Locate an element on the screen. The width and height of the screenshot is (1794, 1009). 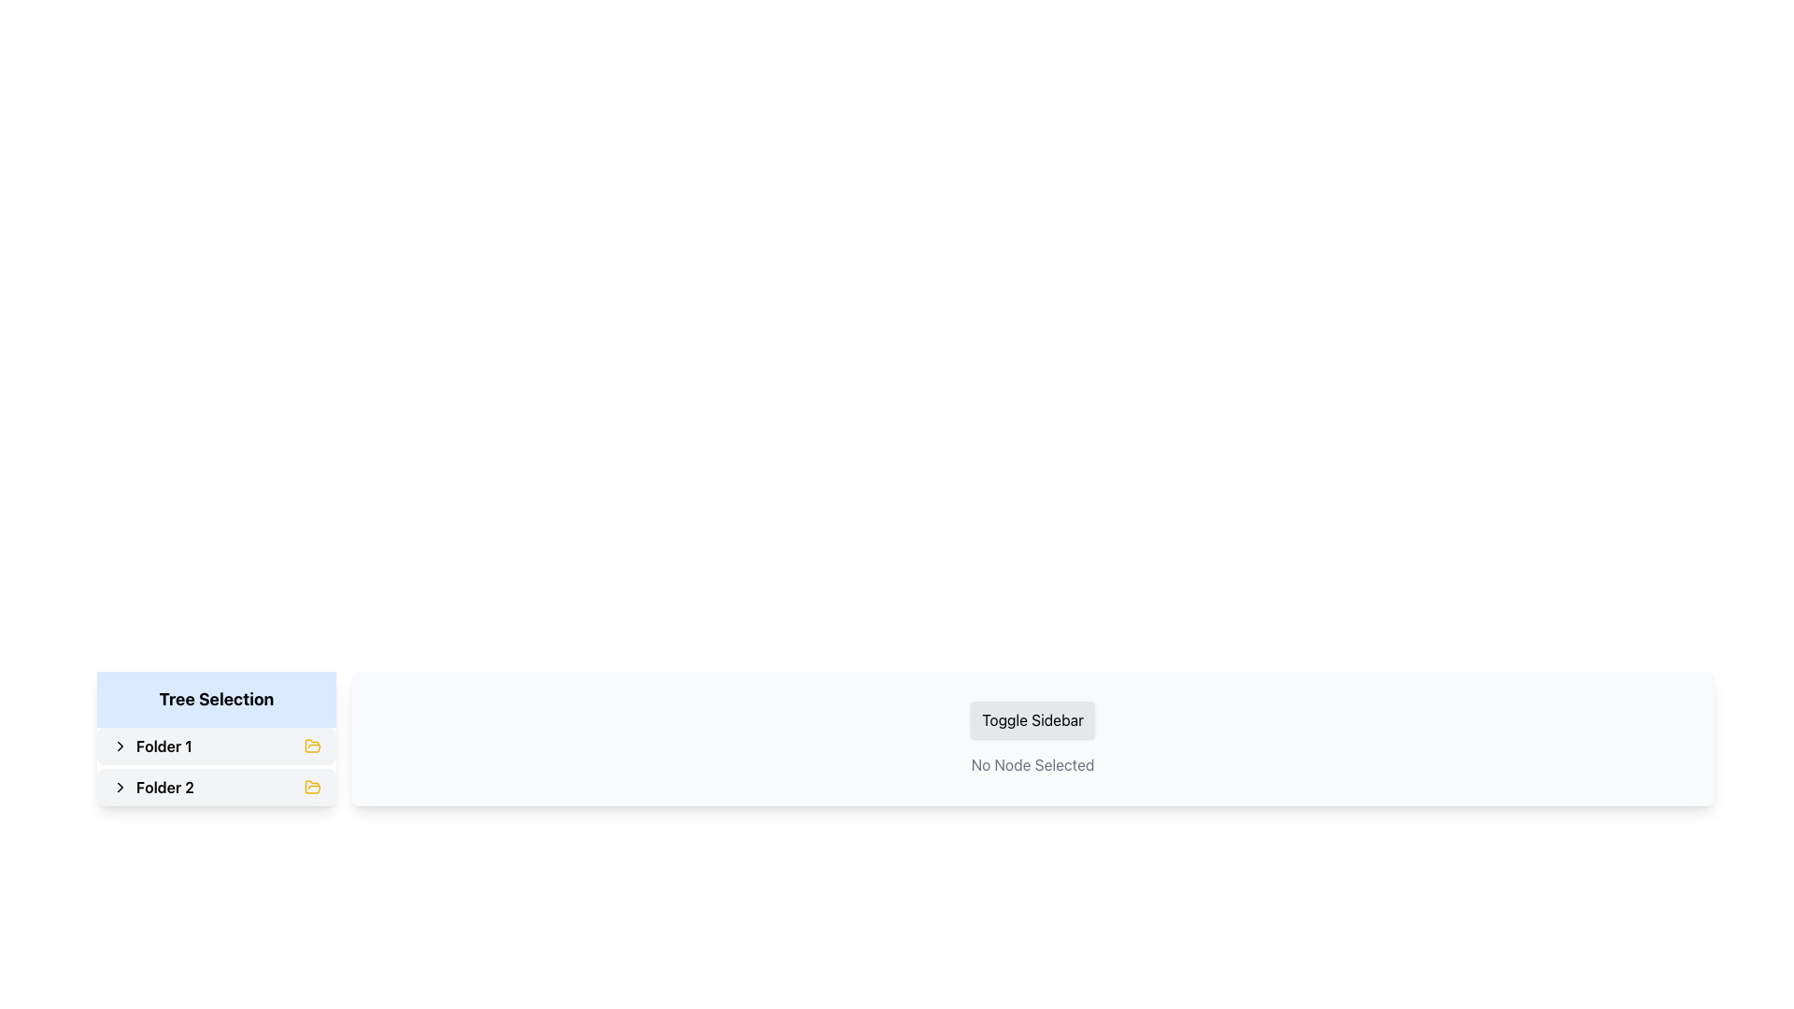
the vibrant yellow open folder SVG icon located to the far right of the 'Folder 1' entry in the left-side Tree Selection panel is located at coordinates (313, 745).